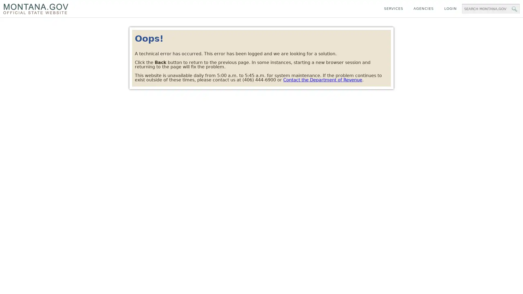  Describe the element at coordinates (514, 9) in the screenshot. I see `MT.gov Search Button` at that location.